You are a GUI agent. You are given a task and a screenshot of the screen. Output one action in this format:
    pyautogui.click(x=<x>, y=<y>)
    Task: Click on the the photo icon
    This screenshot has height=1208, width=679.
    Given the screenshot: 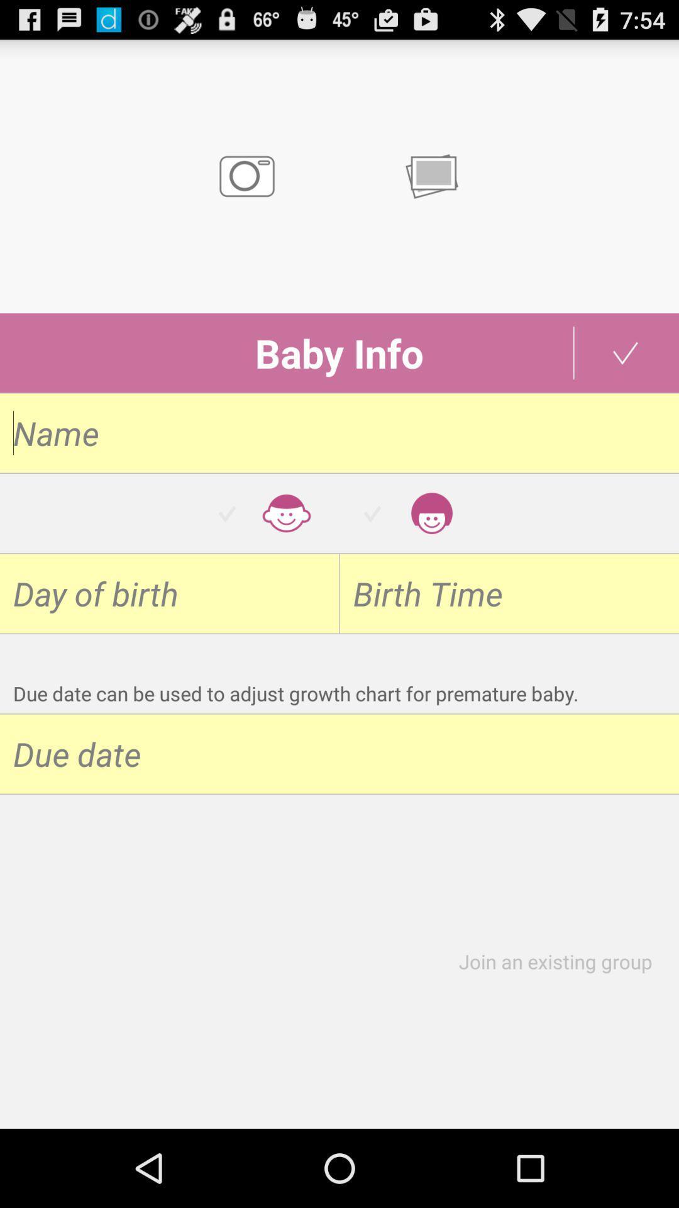 What is the action you would take?
    pyautogui.click(x=247, y=188)
    